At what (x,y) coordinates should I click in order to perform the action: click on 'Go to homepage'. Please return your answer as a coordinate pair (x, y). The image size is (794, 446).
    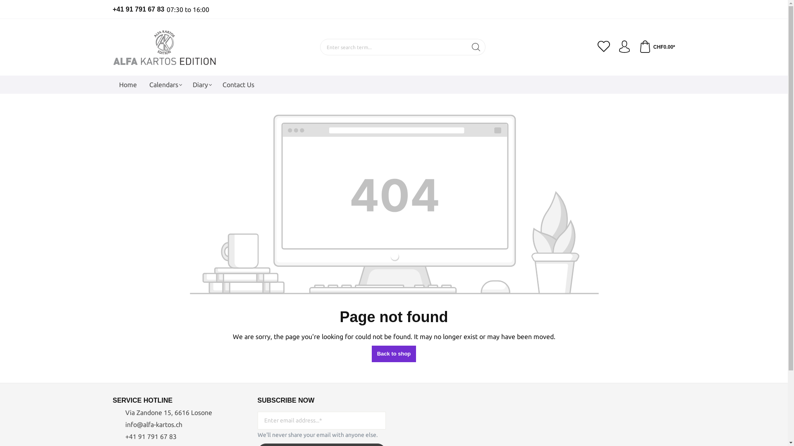
    Looking at the image, I should click on (164, 47).